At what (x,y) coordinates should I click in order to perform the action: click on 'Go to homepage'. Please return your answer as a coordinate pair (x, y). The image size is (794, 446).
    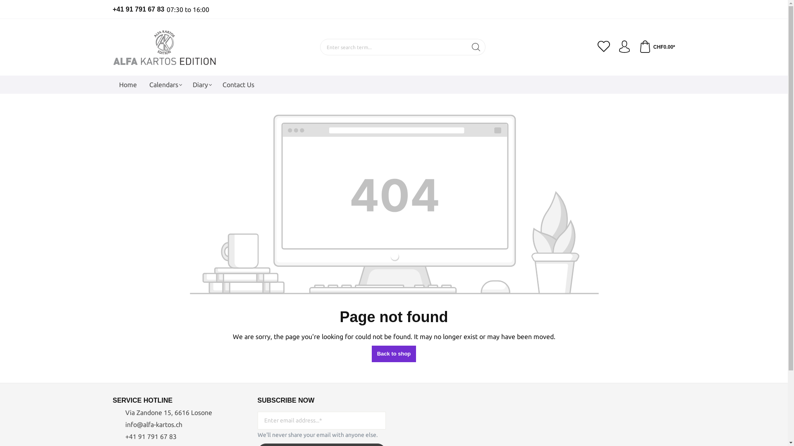
    Looking at the image, I should click on (164, 47).